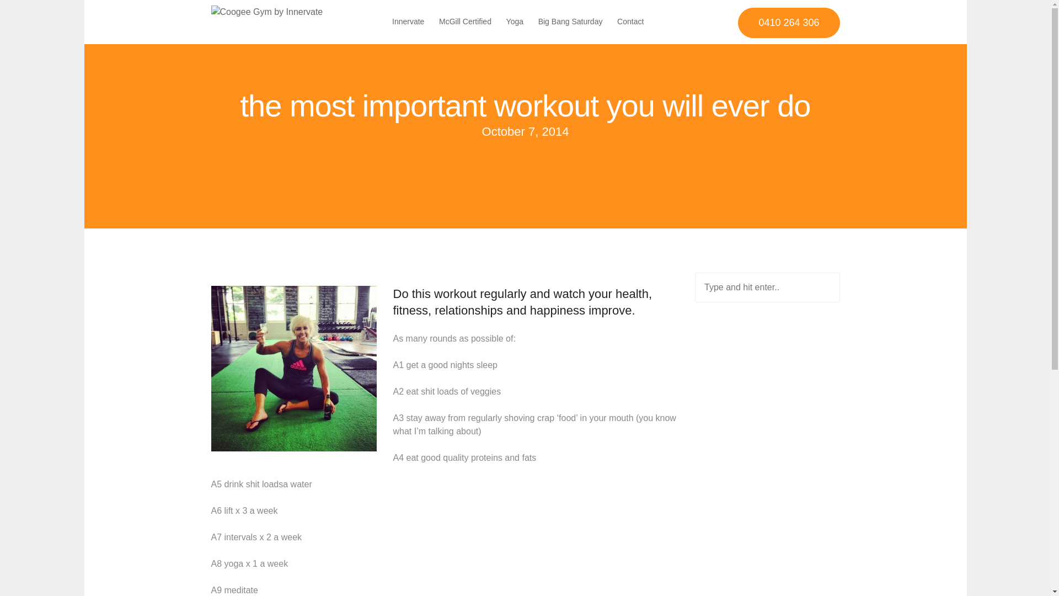 The width and height of the screenshot is (1059, 596). What do you see at coordinates (738, 23) in the screenshot?
I see `'0410 264 306'` at bounding box center [738, 23].